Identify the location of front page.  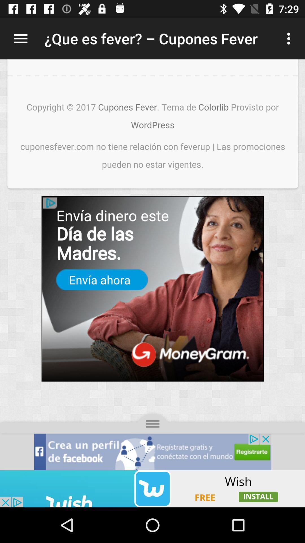
(152, 264).